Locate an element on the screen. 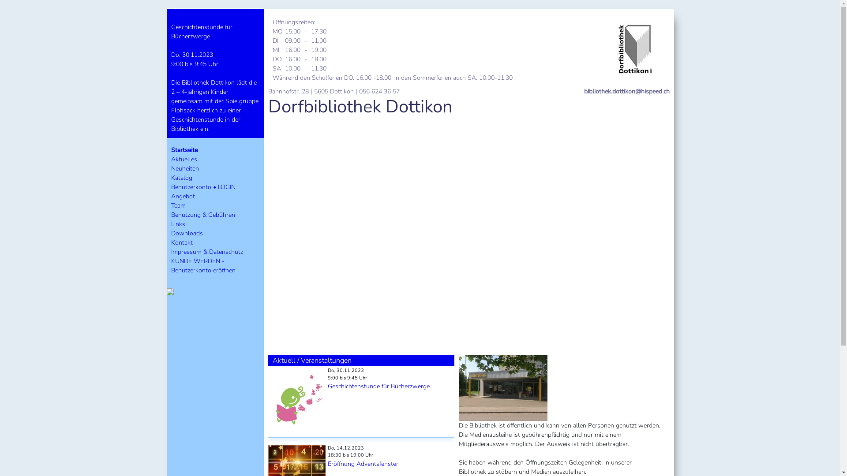  'Katalog' is located at coordinates (181, 178).